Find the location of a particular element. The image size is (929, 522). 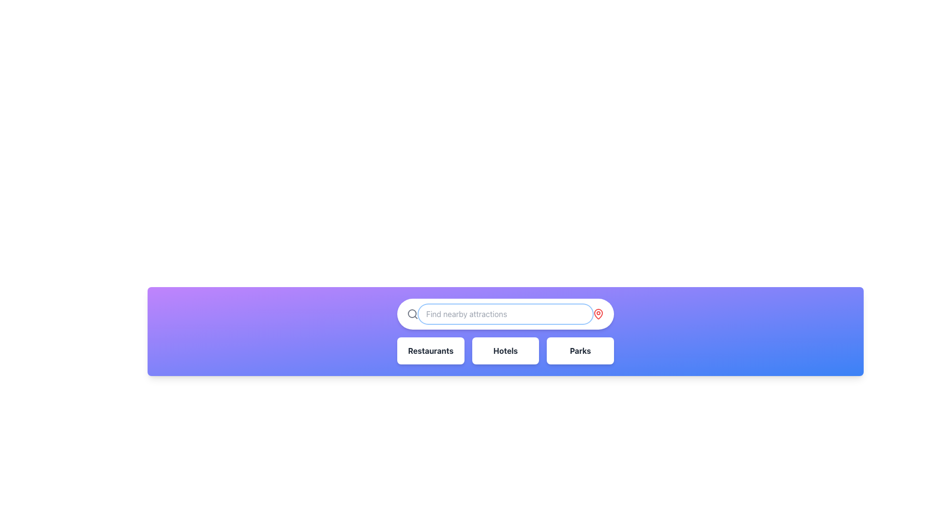

the 'Hotels' button, which is a rectangular component with rounded corners and bold dark gray text on a white background, positioned below the search bar and is the second button in a row of three components is located at coordinates (505, 350).